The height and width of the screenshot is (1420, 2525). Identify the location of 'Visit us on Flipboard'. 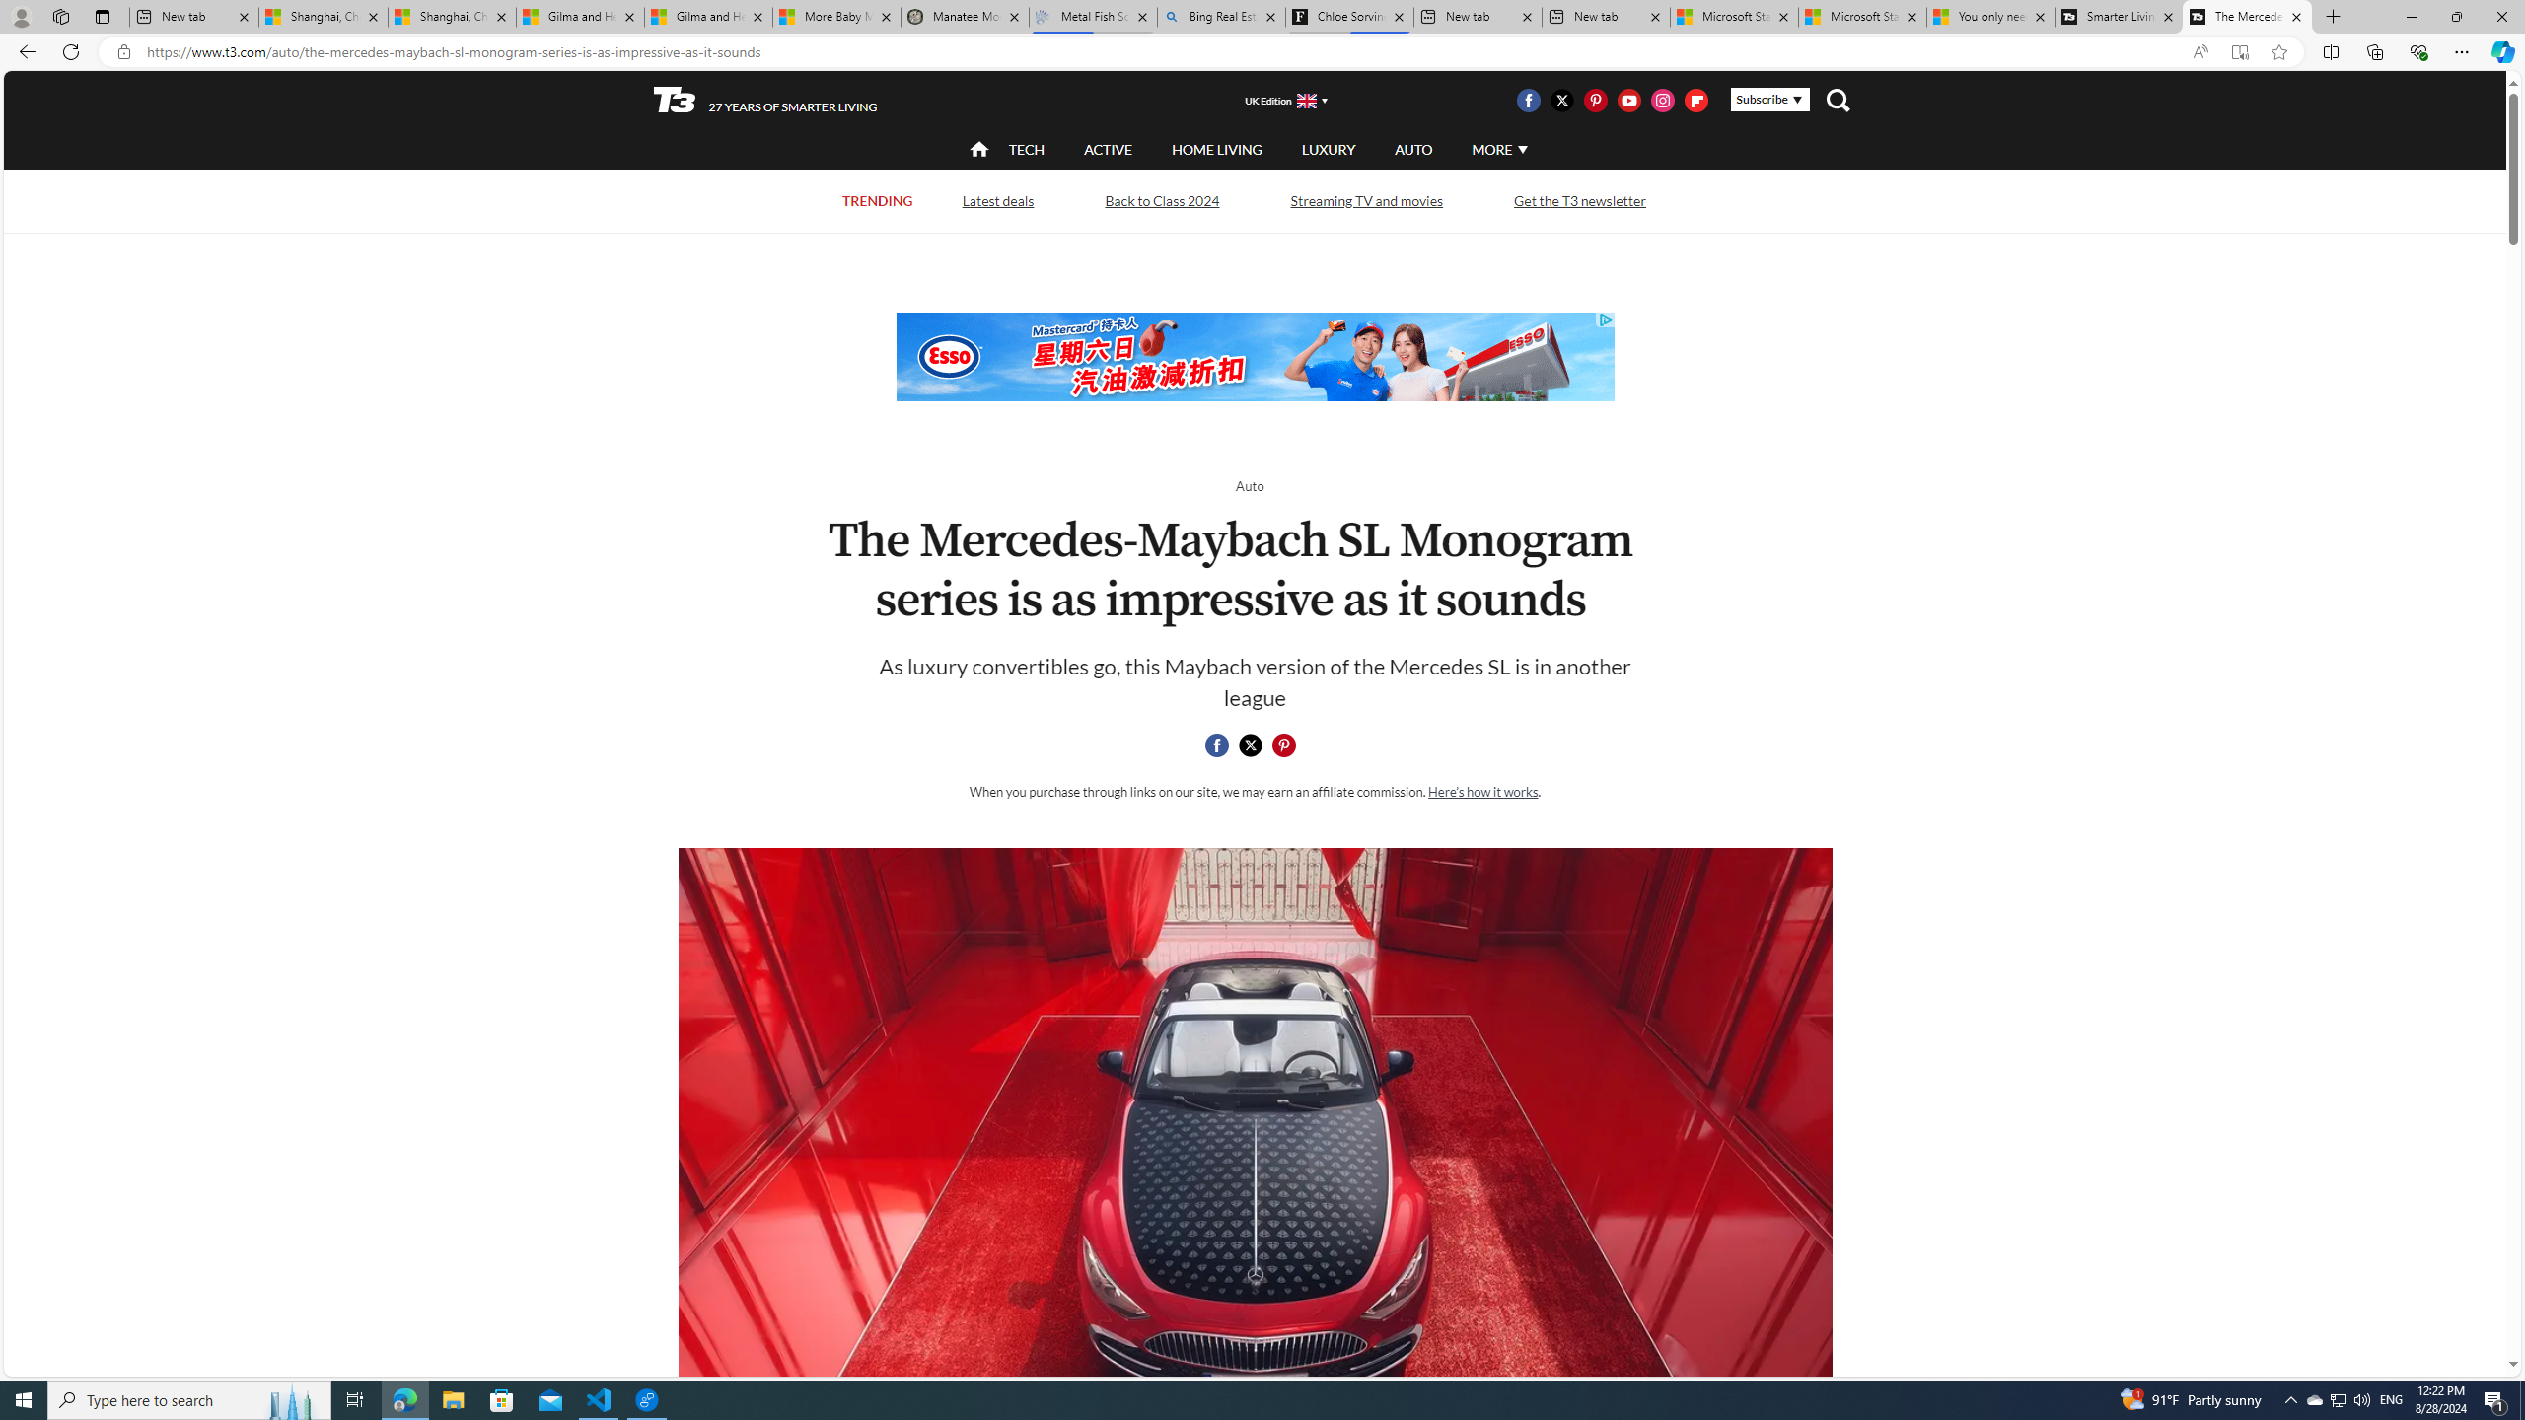
(1696, 99).